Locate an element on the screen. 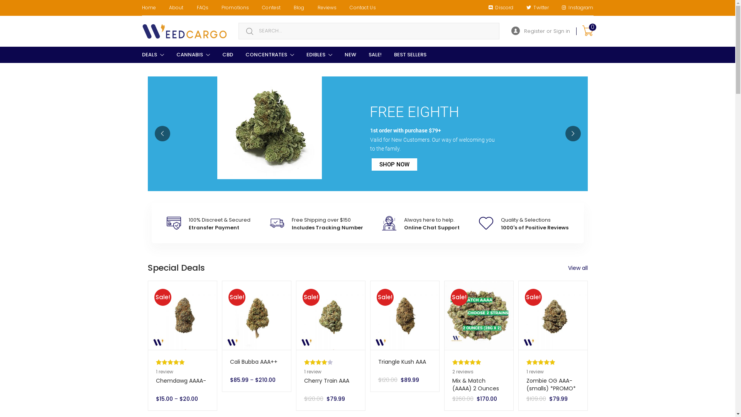 The width and height of the screenshot is (741, 417). 'CANNABIS' is located at coordinates (193, 54).